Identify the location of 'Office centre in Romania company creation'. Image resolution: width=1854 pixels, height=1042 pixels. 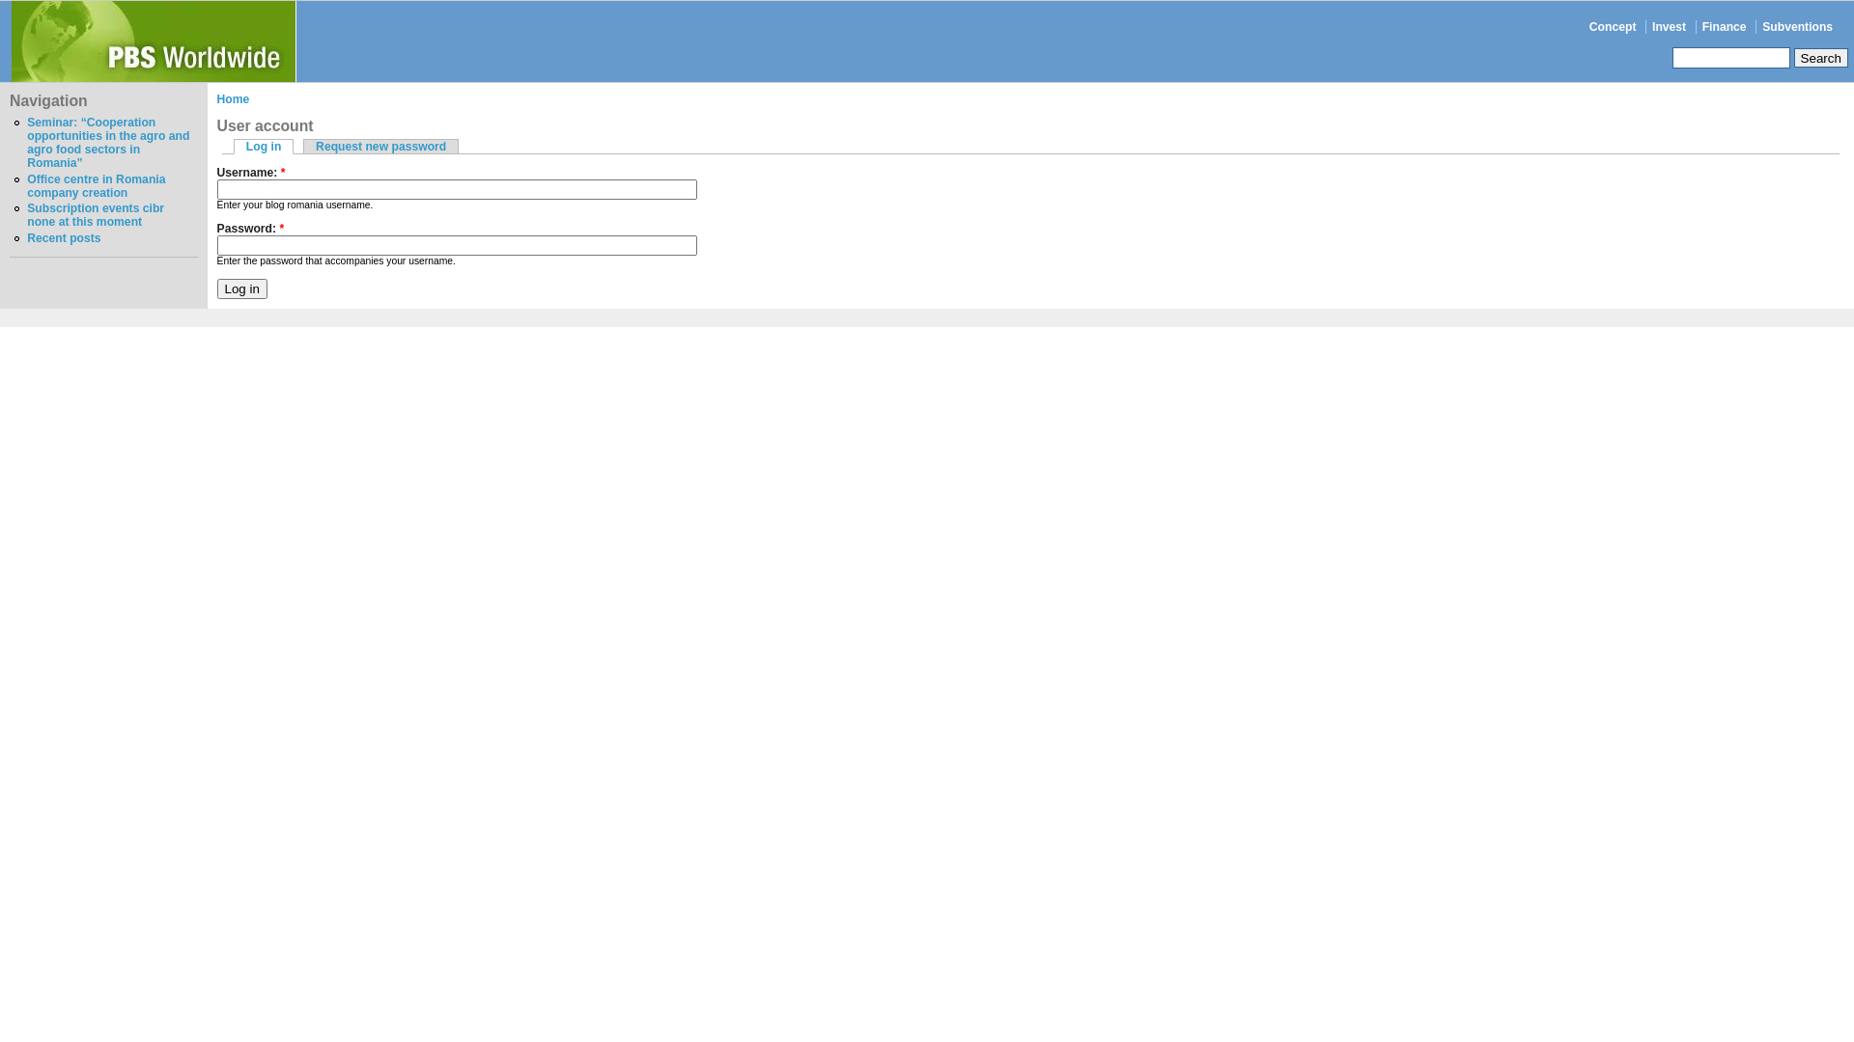
(95, 185).